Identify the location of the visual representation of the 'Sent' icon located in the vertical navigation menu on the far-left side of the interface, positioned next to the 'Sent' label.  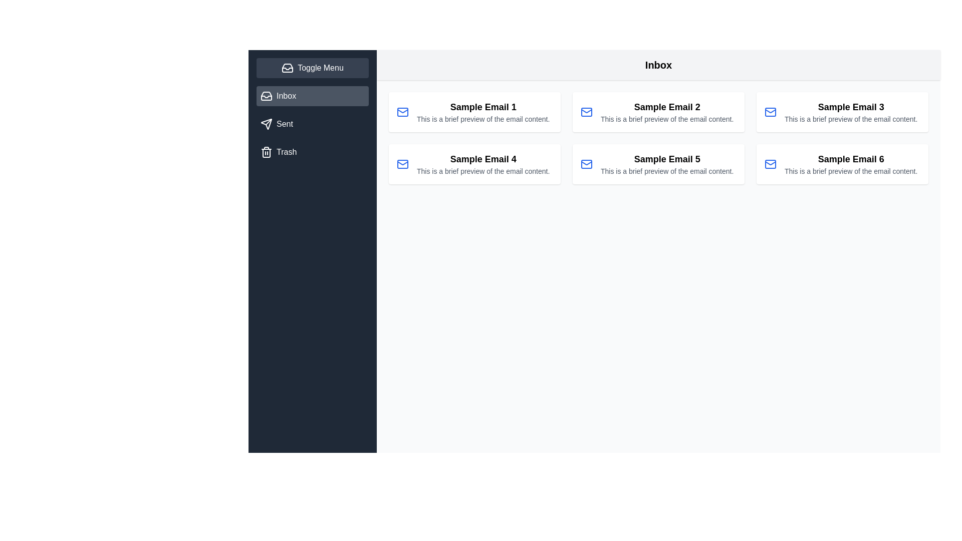
(267, 123).